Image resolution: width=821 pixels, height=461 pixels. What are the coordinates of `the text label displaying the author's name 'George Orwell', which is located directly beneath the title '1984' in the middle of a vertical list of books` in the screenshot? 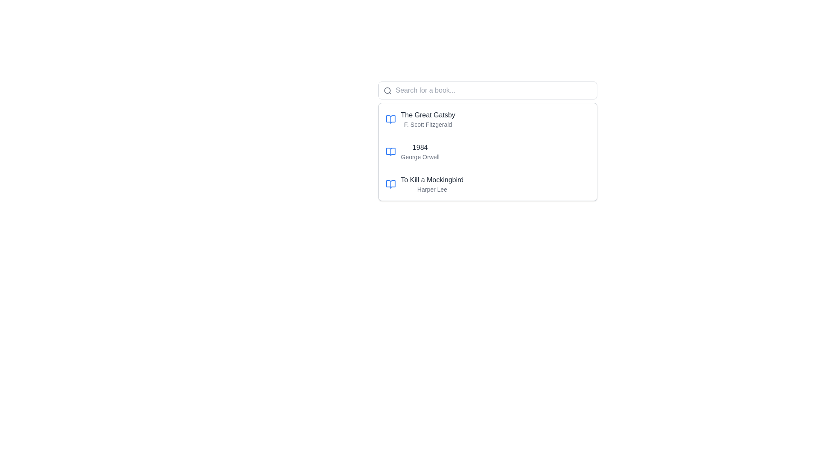 It's located at (420, 157).